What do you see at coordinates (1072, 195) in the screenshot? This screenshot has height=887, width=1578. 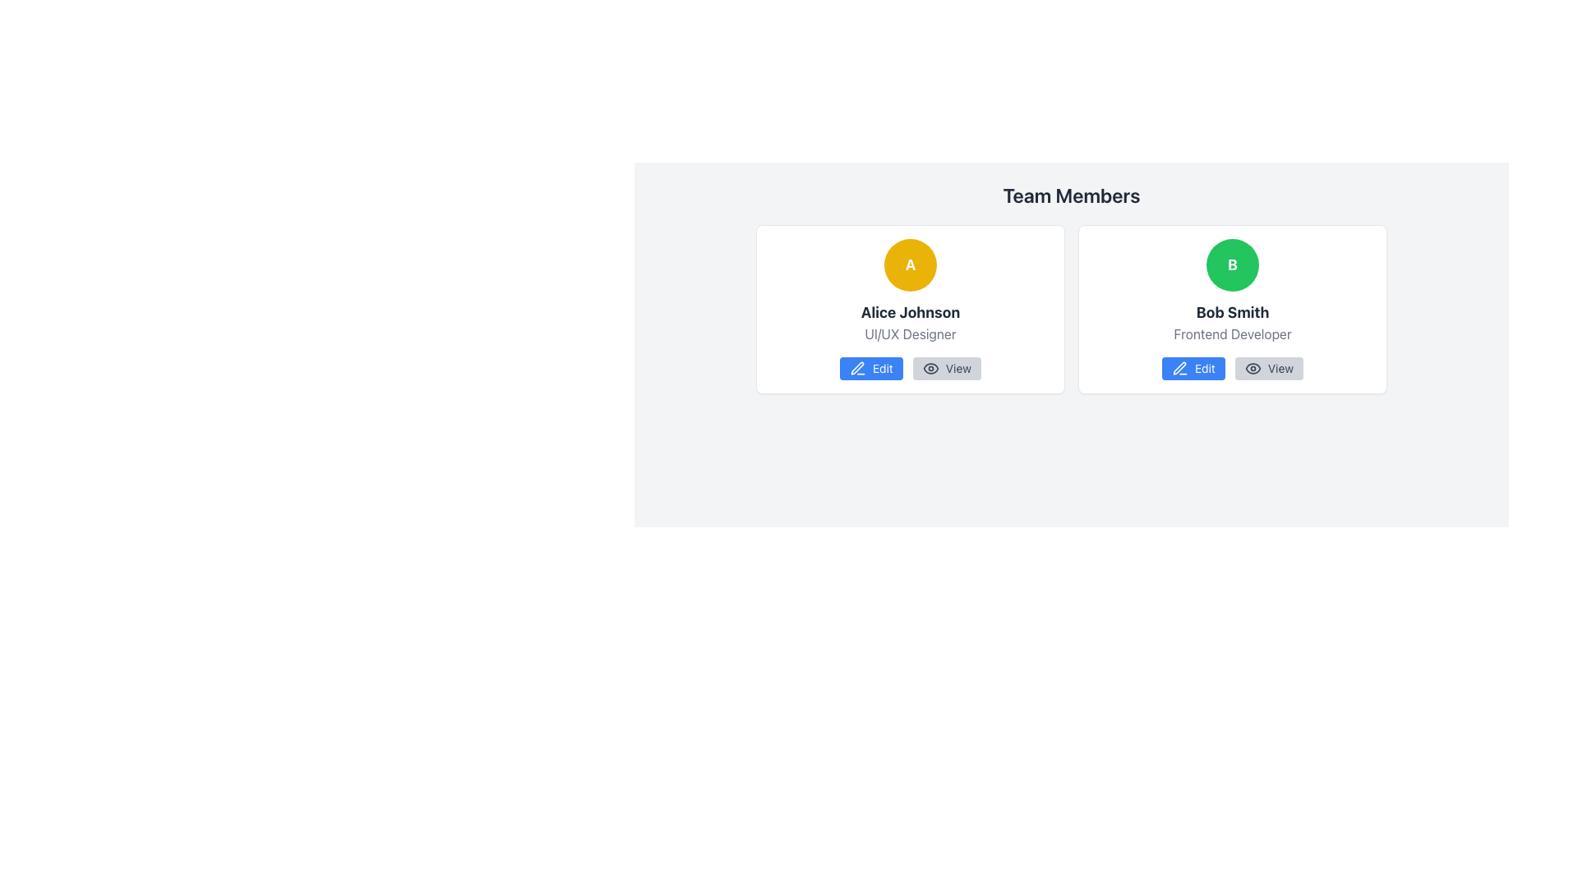 I see `the text header that reads 'Team Members', which is prominently styled in dark gray and positioned above the grid layout of team member cards` at bounding box center [1072, 195].